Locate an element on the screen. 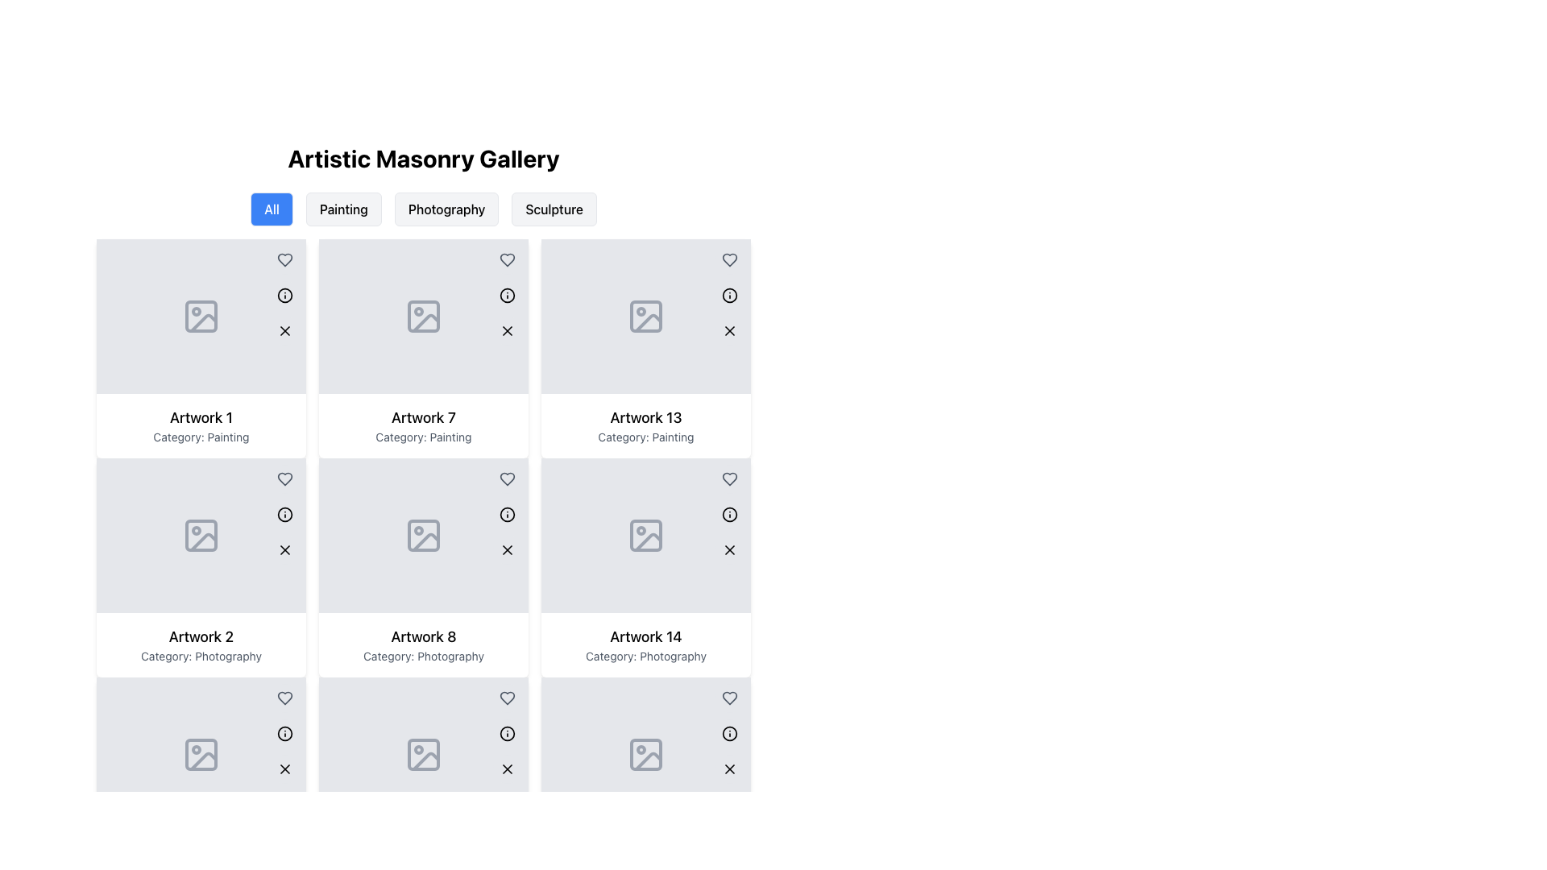 This screenshot has height=870, width=1547. the close button in the bottom right corner of the third column's fourth card labeled 'Artwork 14' is located at coordinates (729, 768).